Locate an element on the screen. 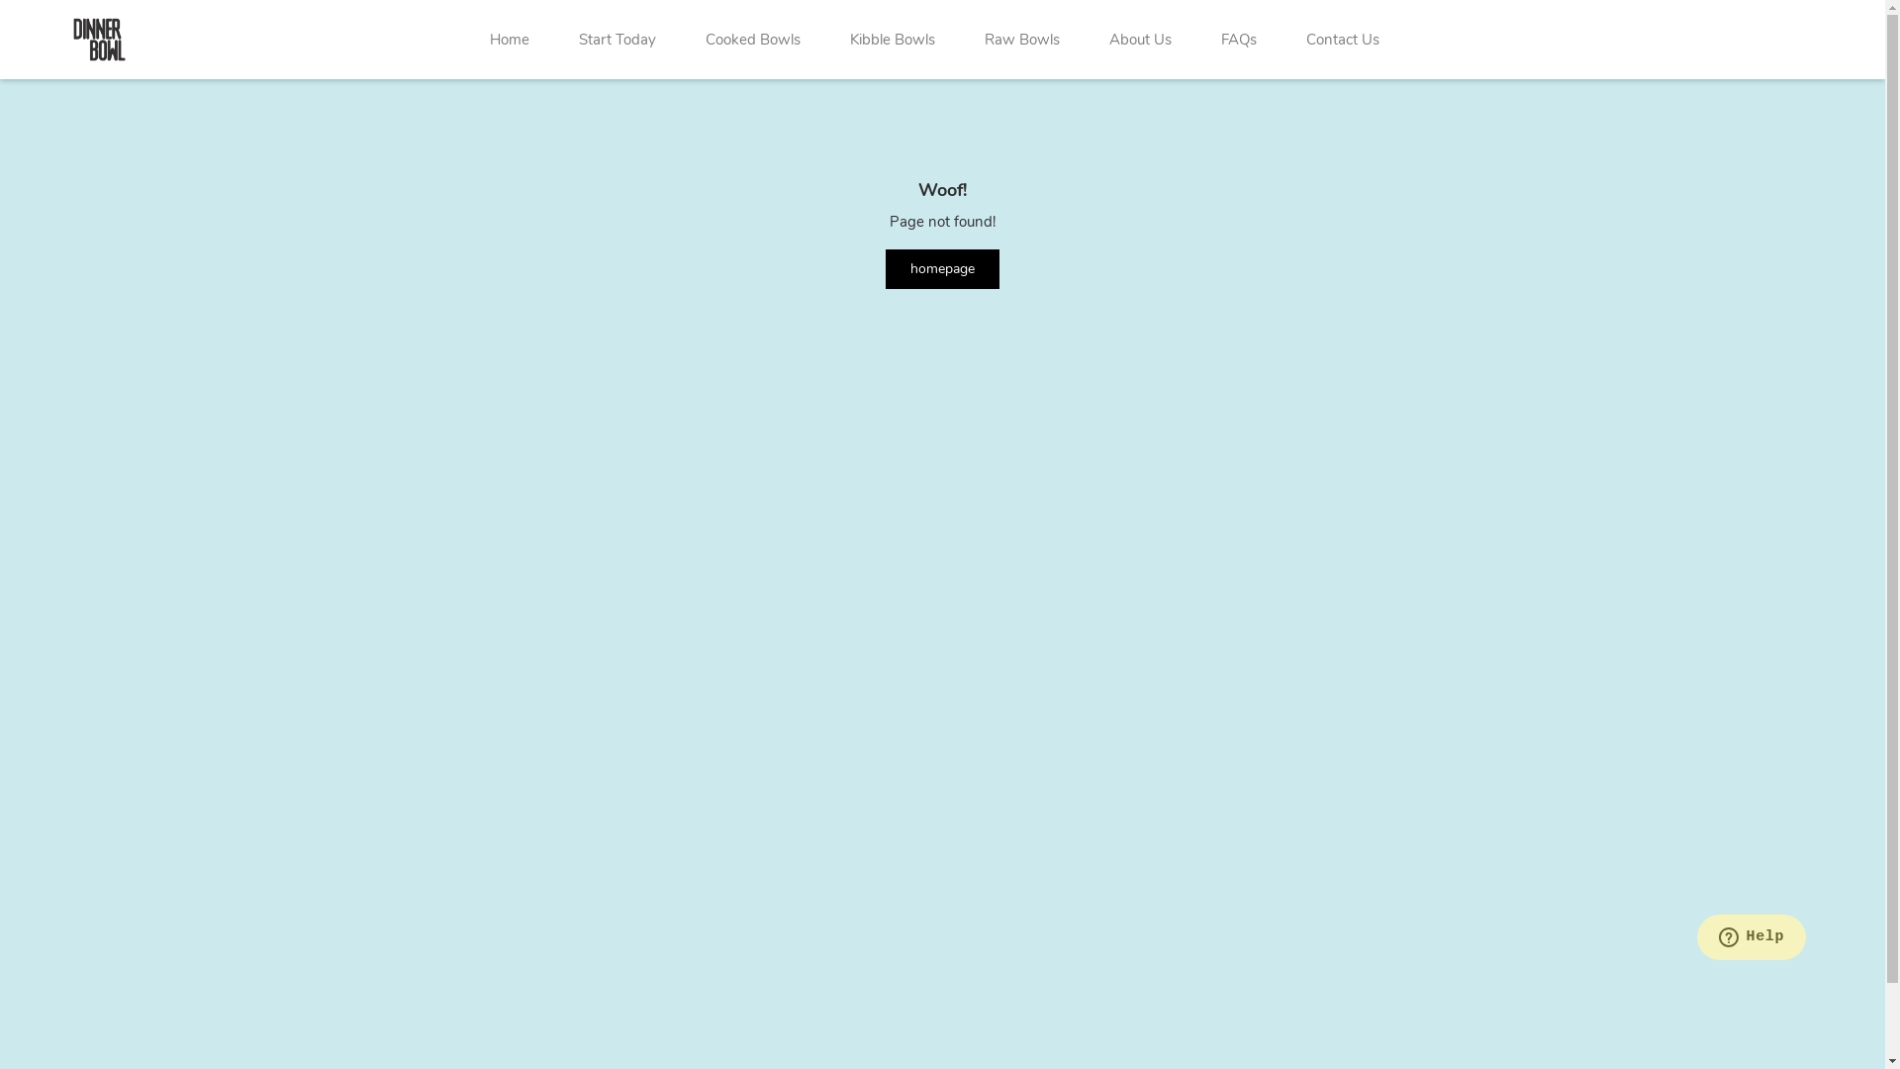 The width and height of the screenshot is (1900, 1069). 'About Us' is located at coordinates (1140, 39).